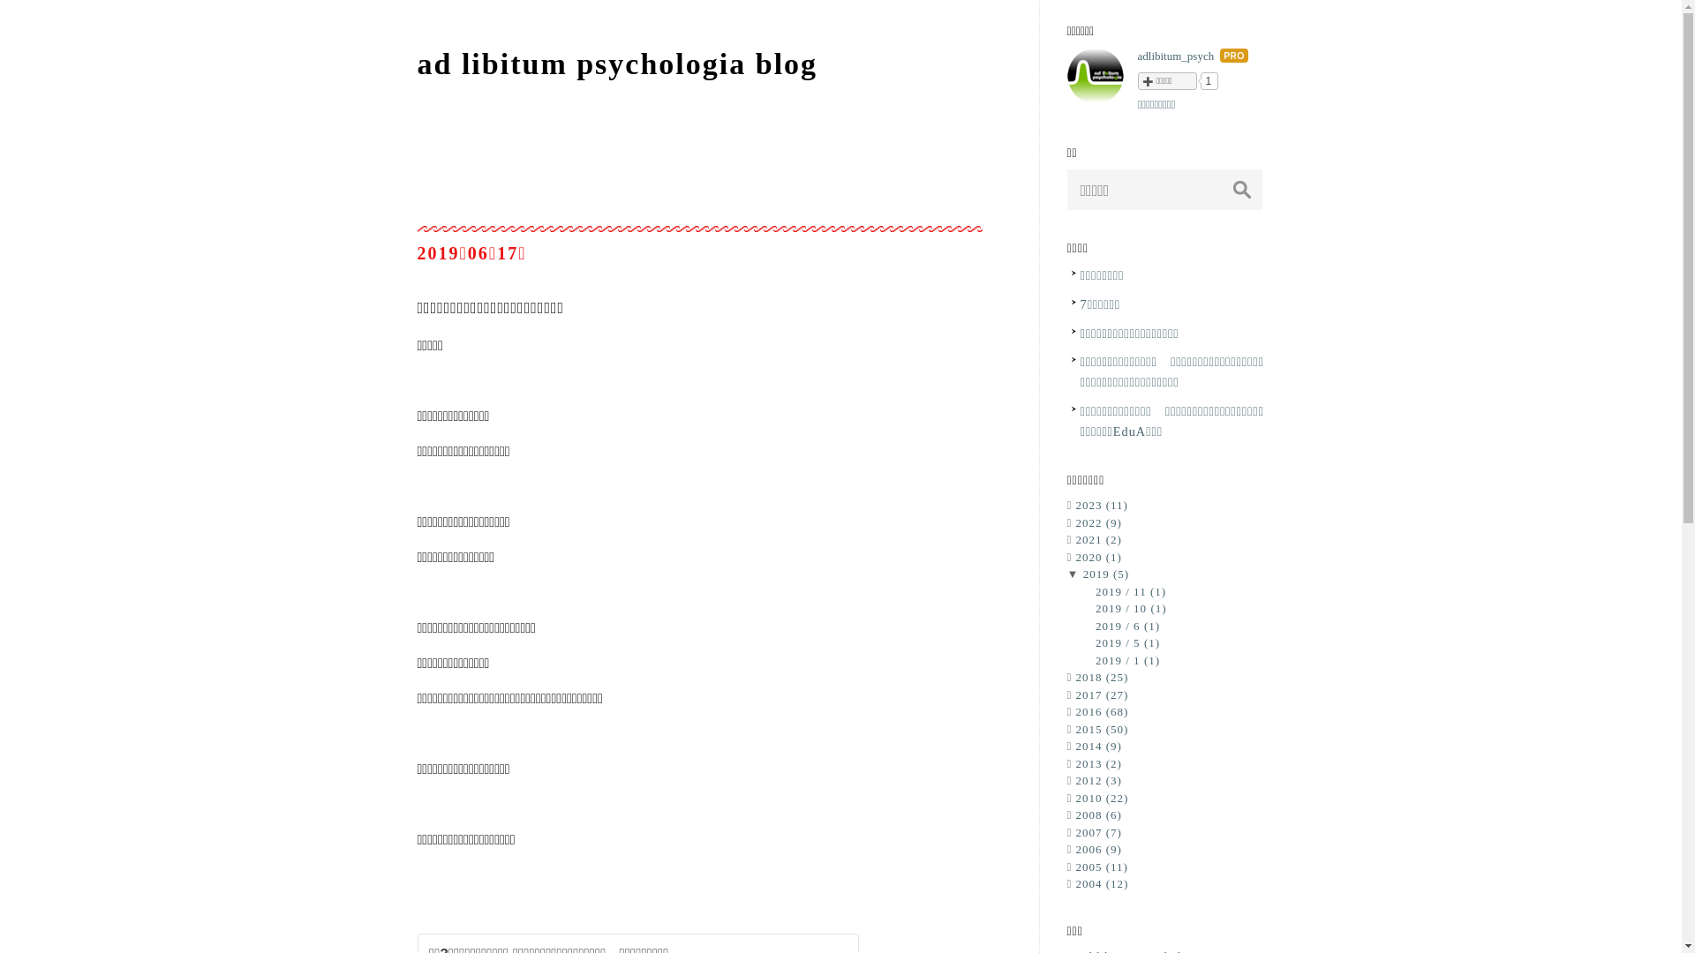  I want to click on '20190617', so click(471, 253).